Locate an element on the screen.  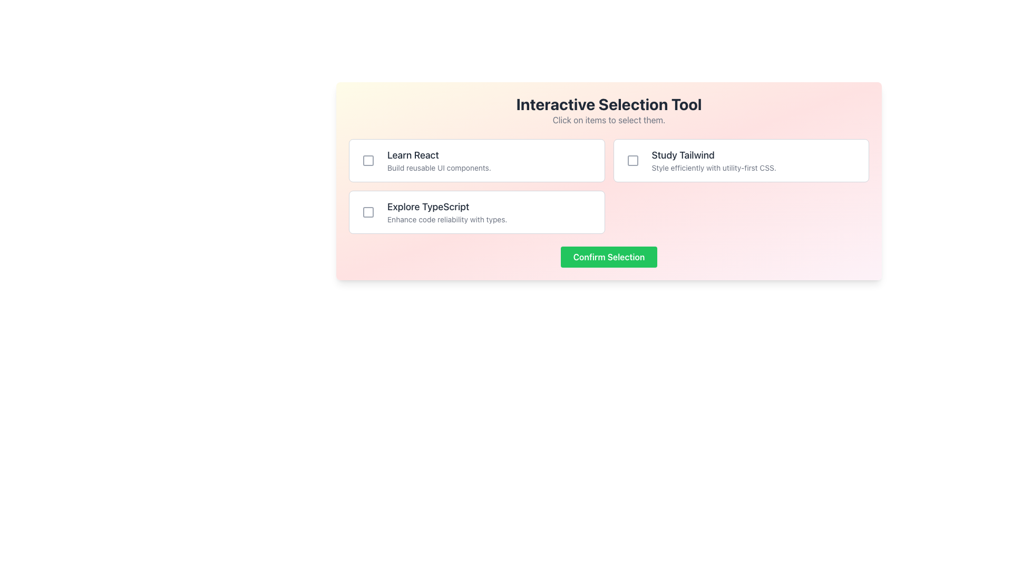
the confirmation button located at the bottom of the interface to observe the hover effect is located at coordinates (609, 257).